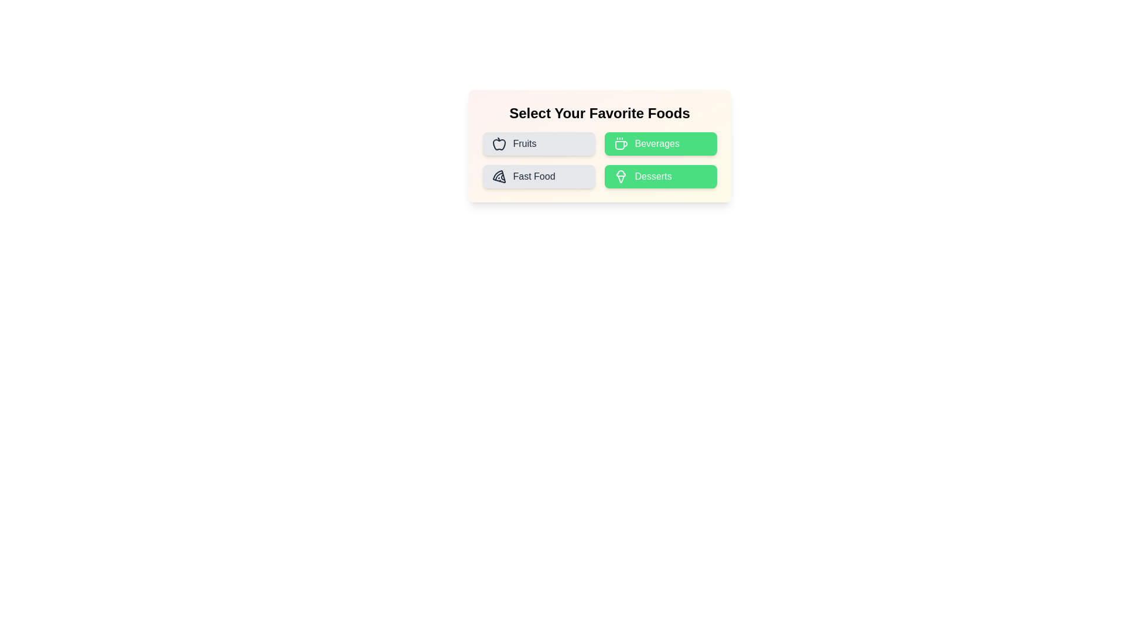 The width and height of the screenshot is (1124, 632). What do you see at coordinates (538, 143) in the screenshot?
I see `the Fruits button to inspect its icon and label` at bounding box center [538, 143].